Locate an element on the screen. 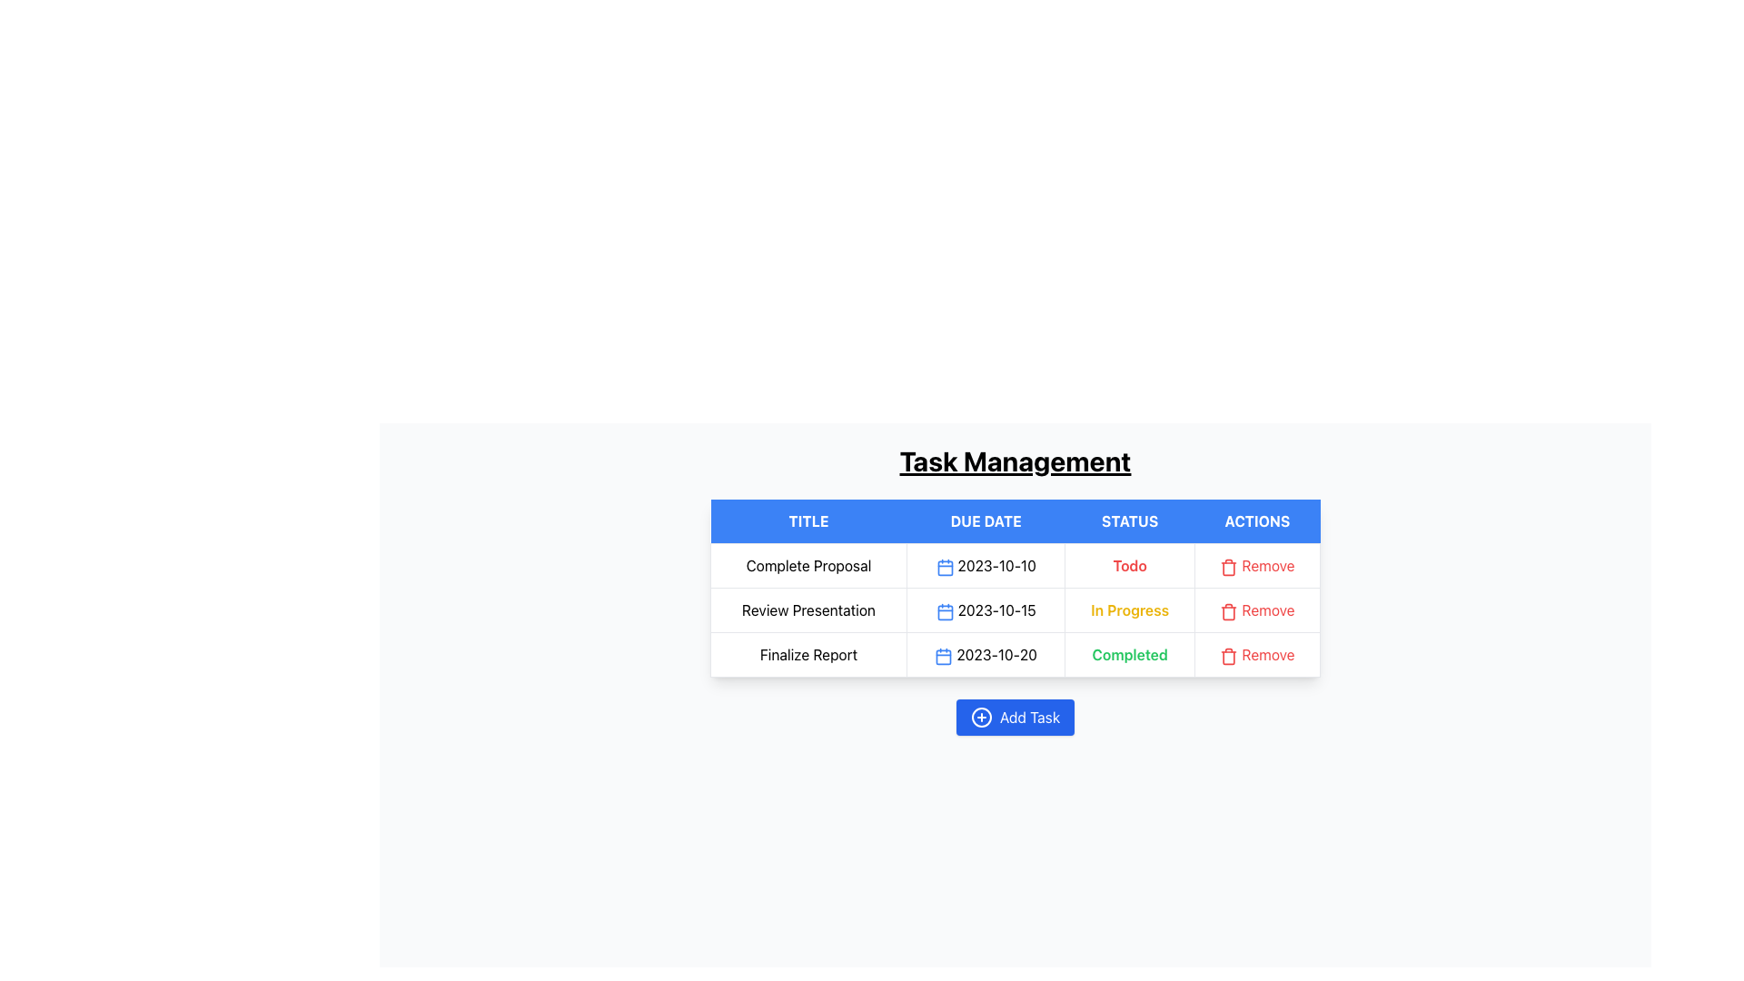 This screenshot has height=981, width=1744. the 'Remove' button located in the second row under the 'ACTIONS' column, aligned with the 'In Progress' status is located at coordinates (1255, 609).